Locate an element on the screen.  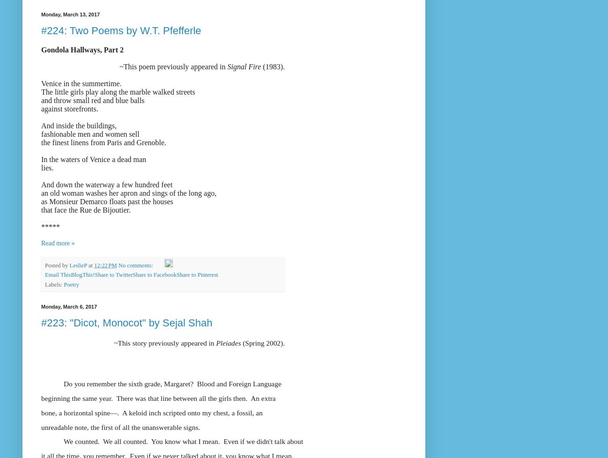
'as Monsieur Demarco floats past the houses' is located at coordinates (107, 201).